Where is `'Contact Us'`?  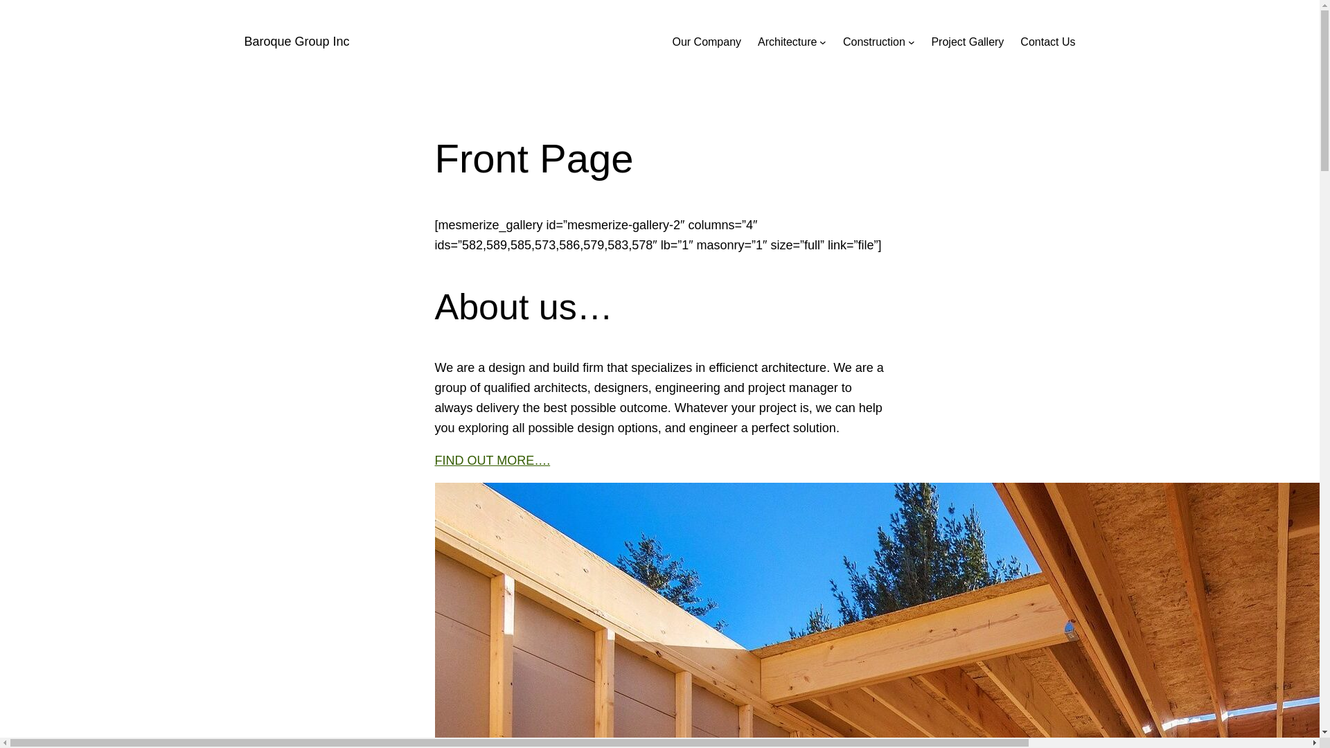 'Contact Us' is located at coordinates (1047, 42).